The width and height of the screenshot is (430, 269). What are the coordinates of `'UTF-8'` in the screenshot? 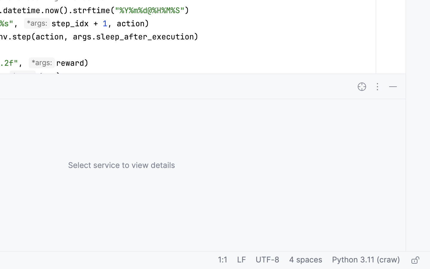 It's located at (267, 260).